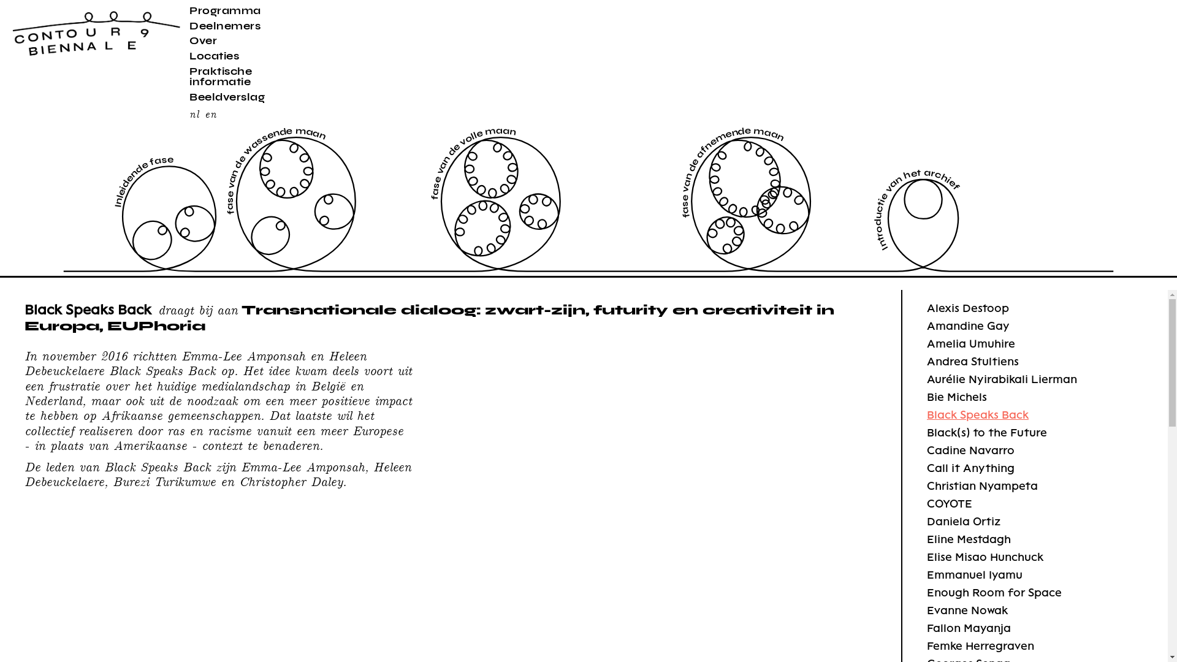  I want to click on 'Alexis Destoop', so click(967, 307).